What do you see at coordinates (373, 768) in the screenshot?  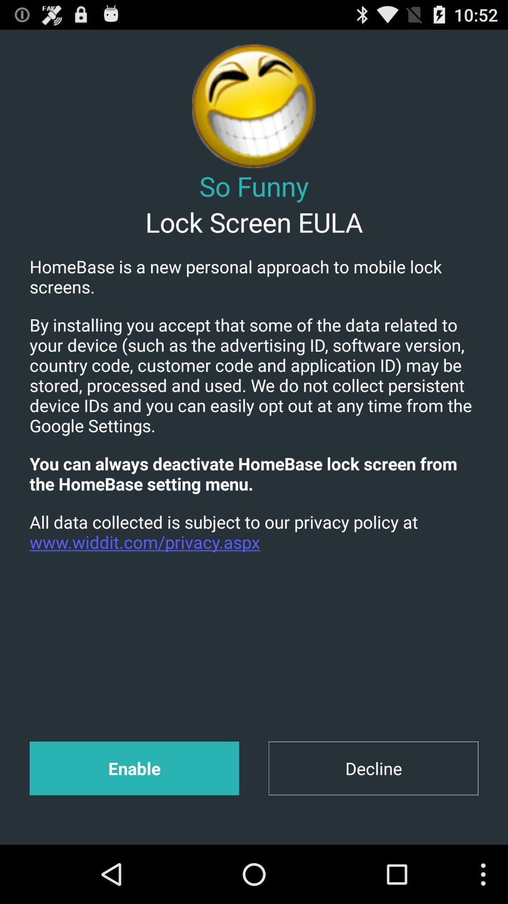 I see `the item below all data collected item` at bounding box center [373, 768].